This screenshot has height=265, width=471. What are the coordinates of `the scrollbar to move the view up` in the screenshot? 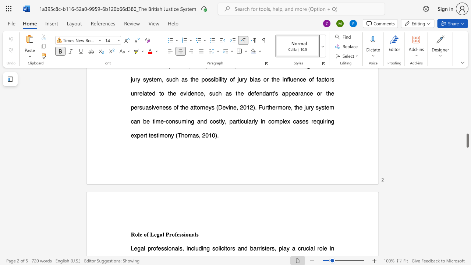 It's located at (467, 103).